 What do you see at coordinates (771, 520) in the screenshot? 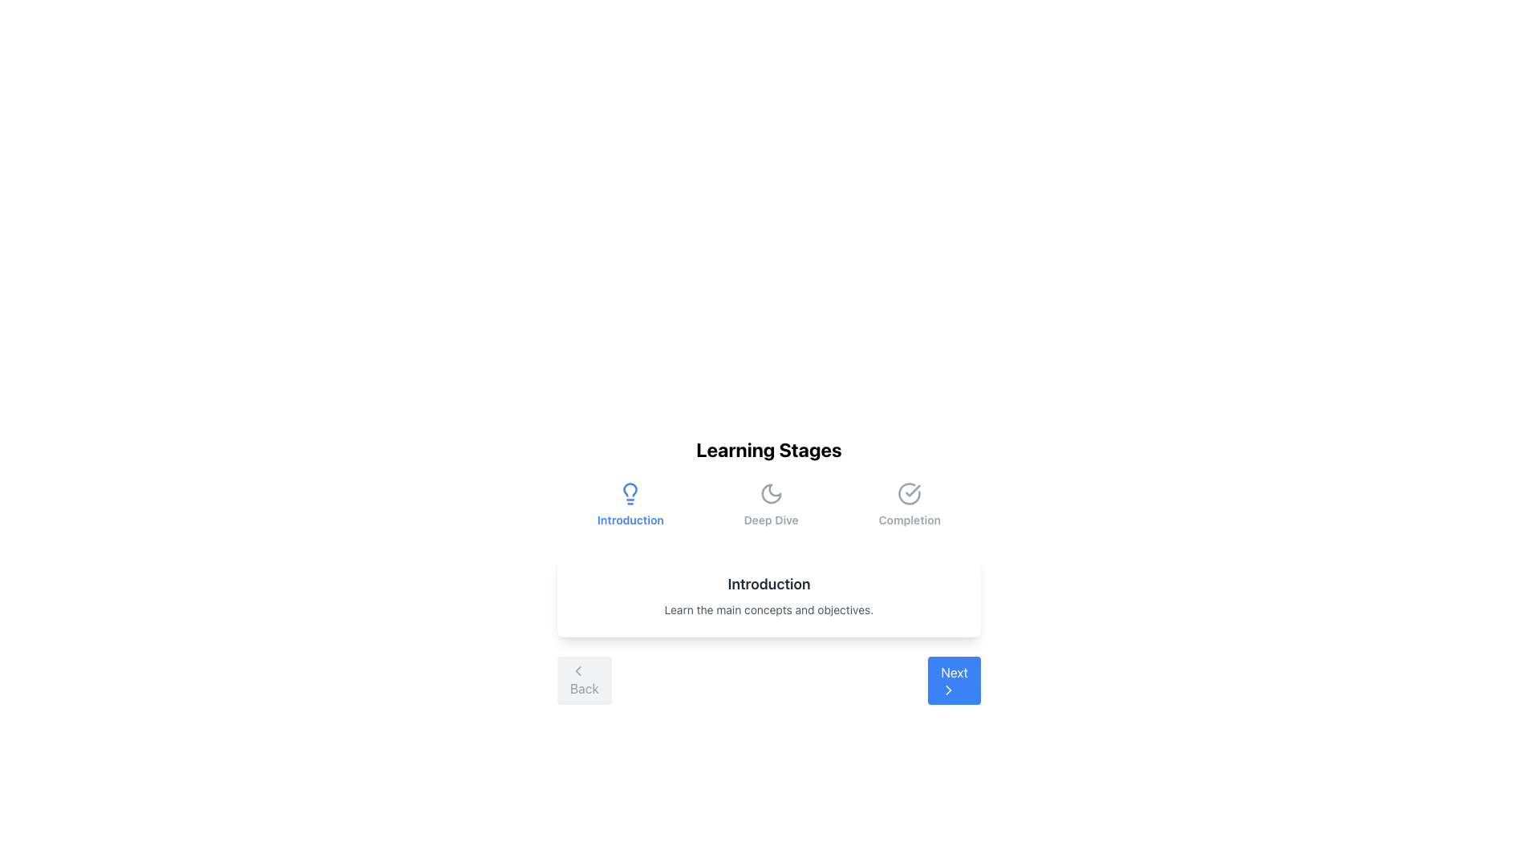
I see `the 'Deep Dive' text label, which is styled in a small, bold font and is centered under a circular icon in the 'Learning Stages' section` at bounding box center [771, 520].